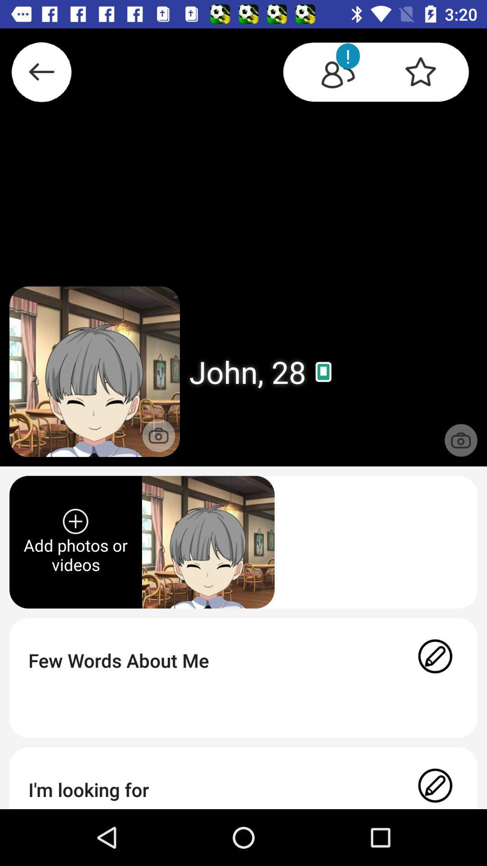 The height and width of the screenshot is (866, 487). I want to click on the edit icon, so click(435, 787).